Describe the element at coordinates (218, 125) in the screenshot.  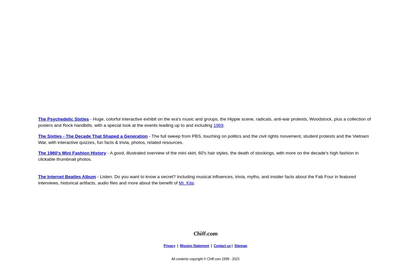
I see `'1969'` at that location.